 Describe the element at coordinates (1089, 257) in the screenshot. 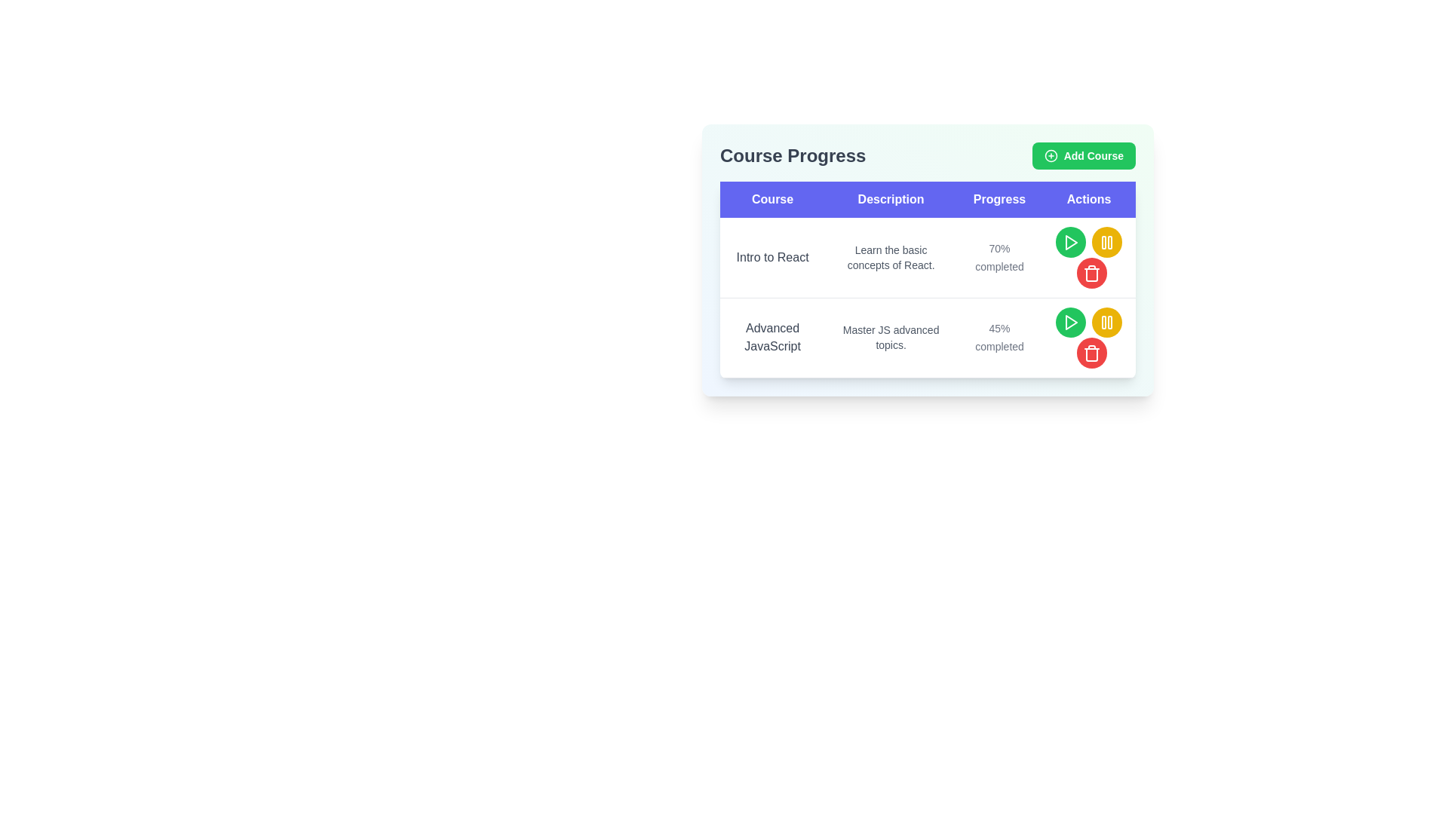

I see `the red trash button in the grouped circular buttons with icons located in the 'Actions' column of the 'Intro to React' row` at that location.